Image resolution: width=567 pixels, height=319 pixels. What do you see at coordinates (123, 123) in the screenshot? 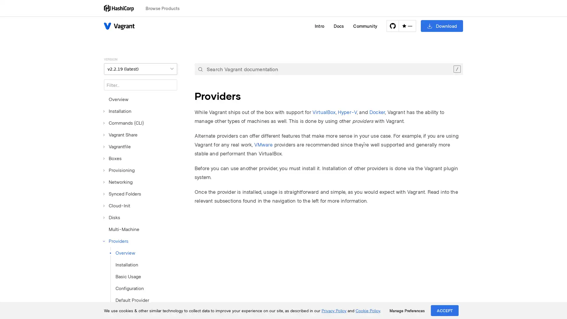
I see `Commands (CLI)` at bounding box center [123, 123].